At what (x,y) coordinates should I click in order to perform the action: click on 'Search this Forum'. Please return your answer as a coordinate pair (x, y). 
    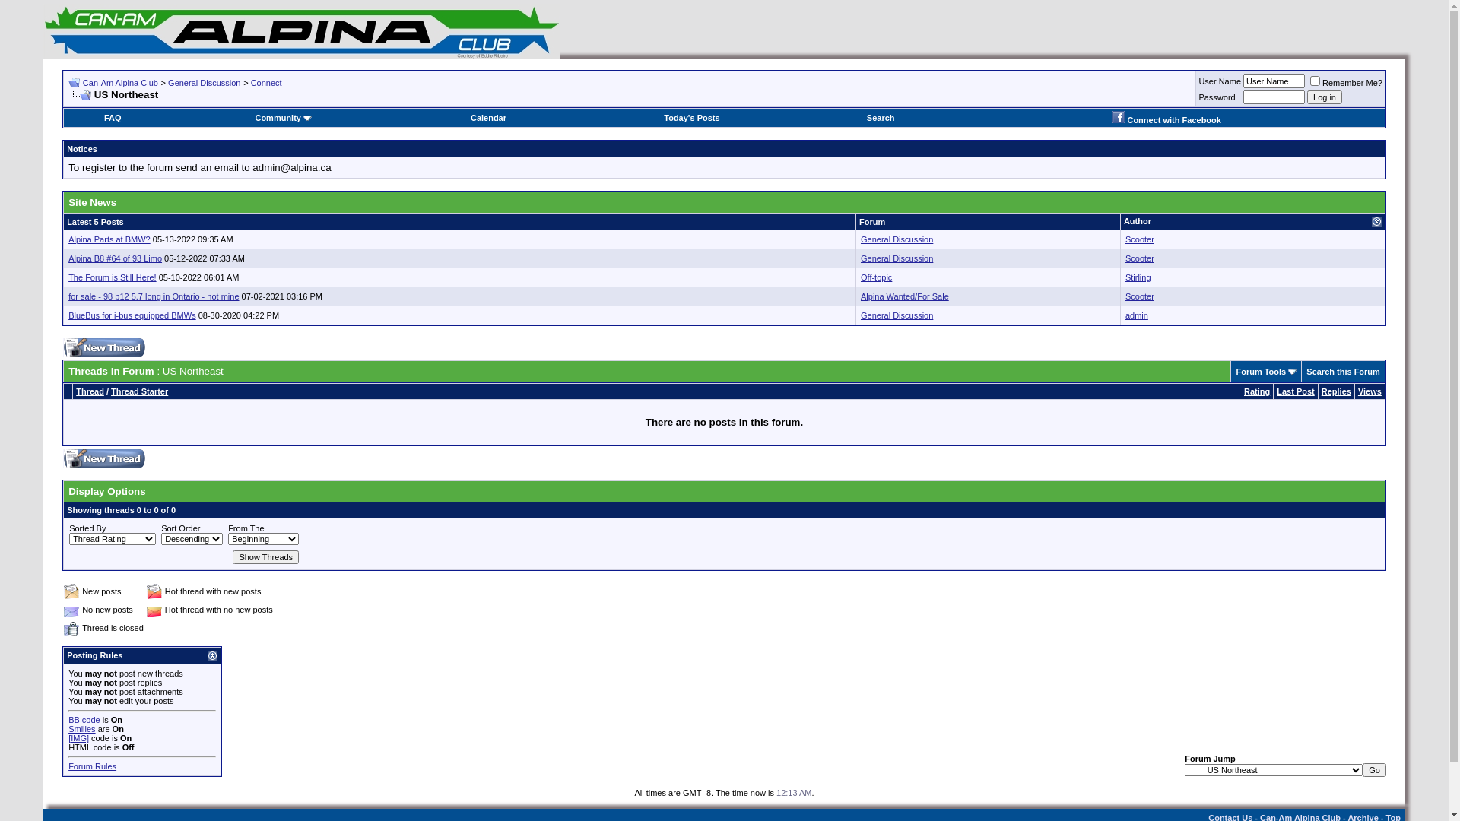
    Looking at the image, I should click on (1343, 371).